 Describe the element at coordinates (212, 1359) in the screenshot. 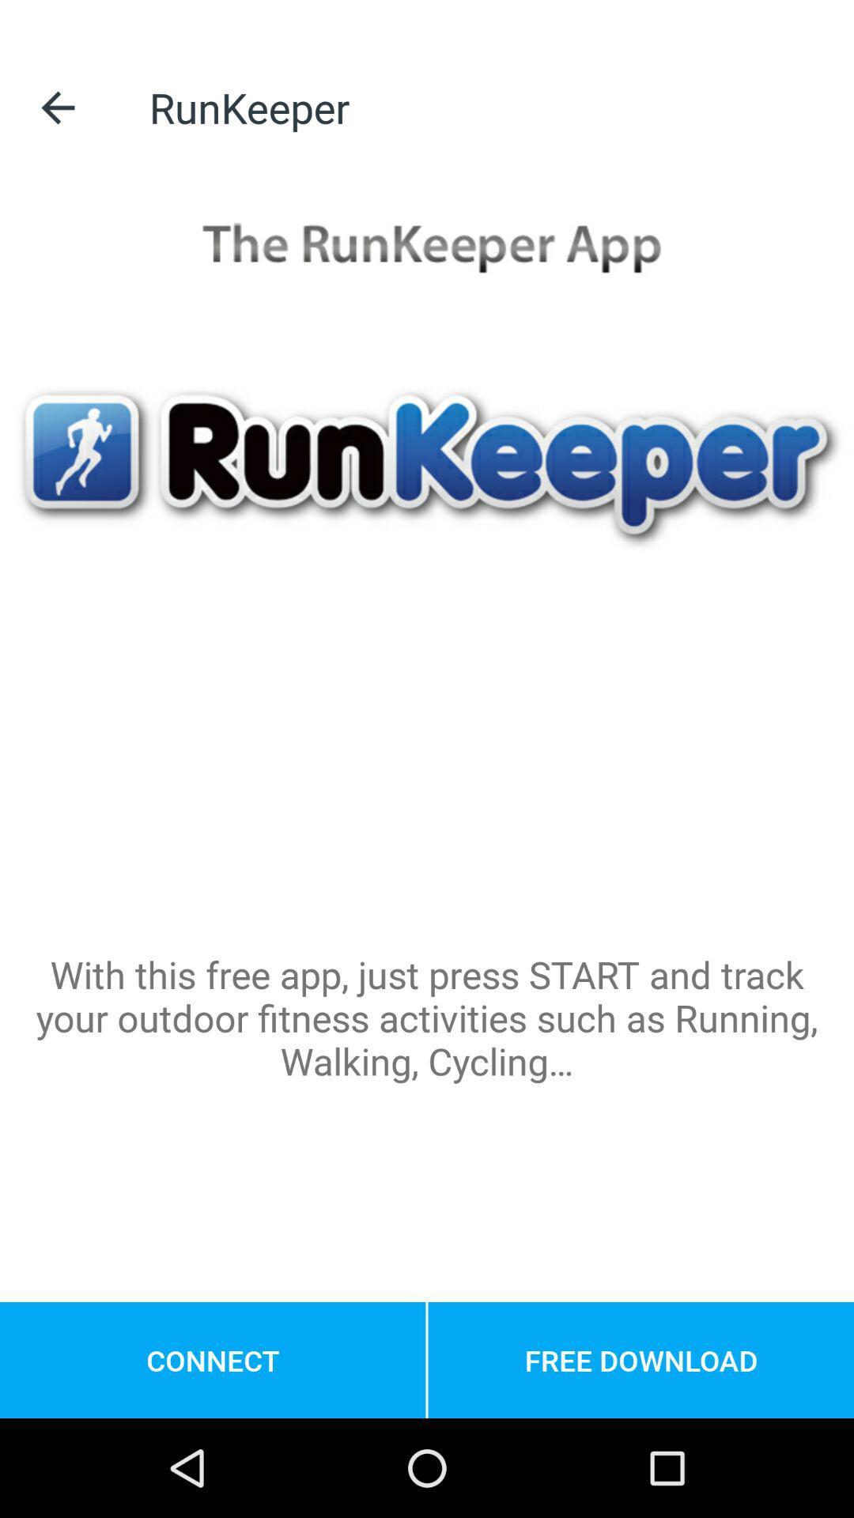

I see `the connect at the bottom left corner` at that location.